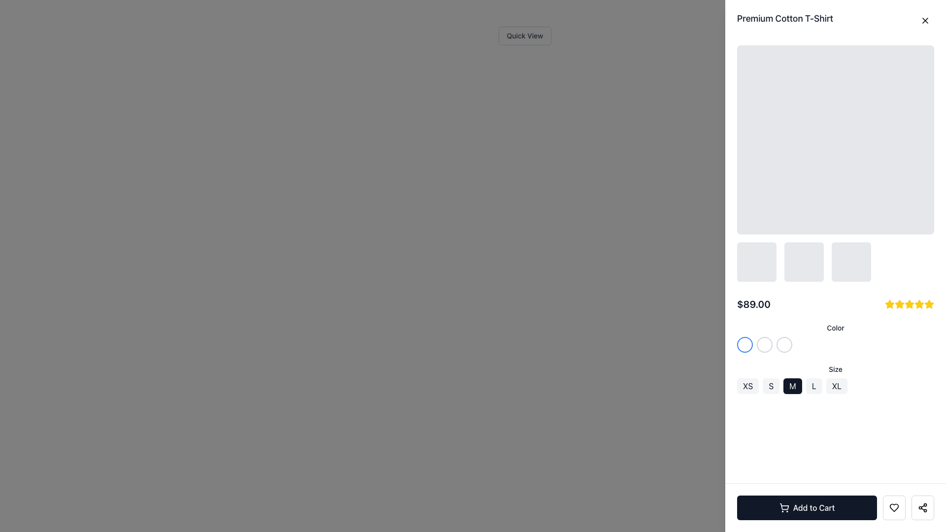  What do you see at coordinates (909, 303) in the screenshot?
I see `the fifth star icon in the rating system` at bounding box center [909, 303].